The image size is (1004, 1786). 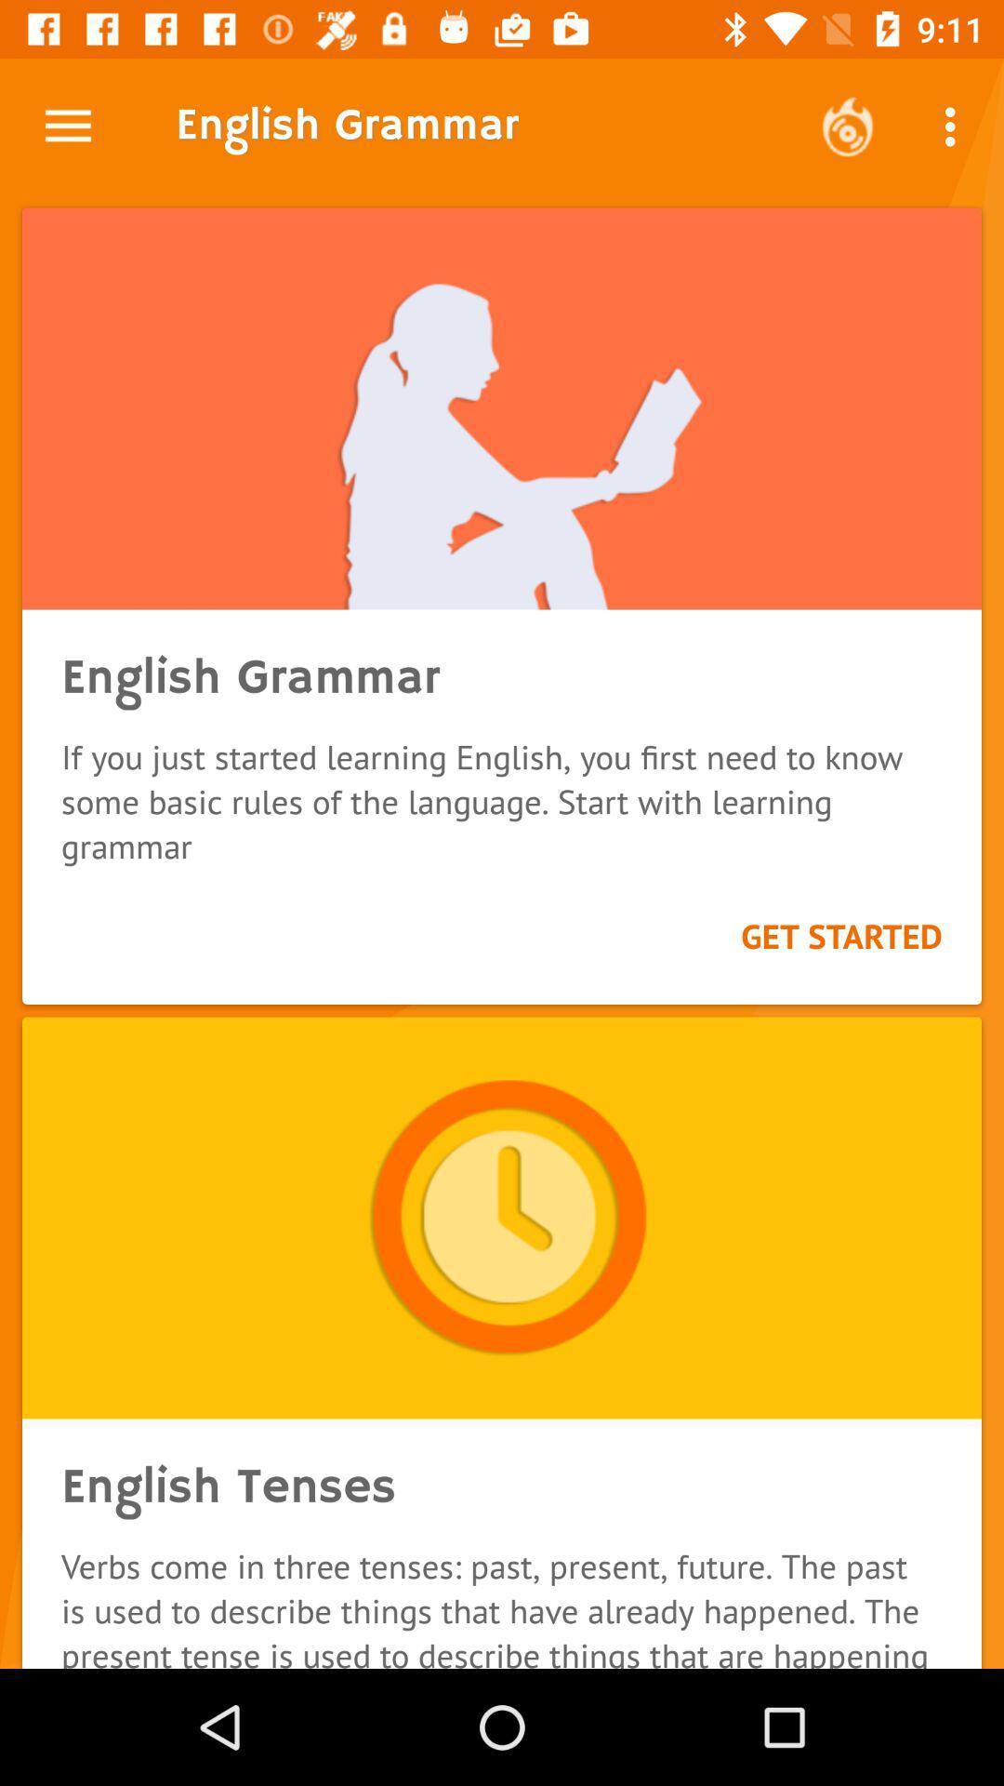 What do you see at coordinates (67, 126) in the screenshot?
I see `icon next to the english grammar icon` at bounding box center [67, 126].